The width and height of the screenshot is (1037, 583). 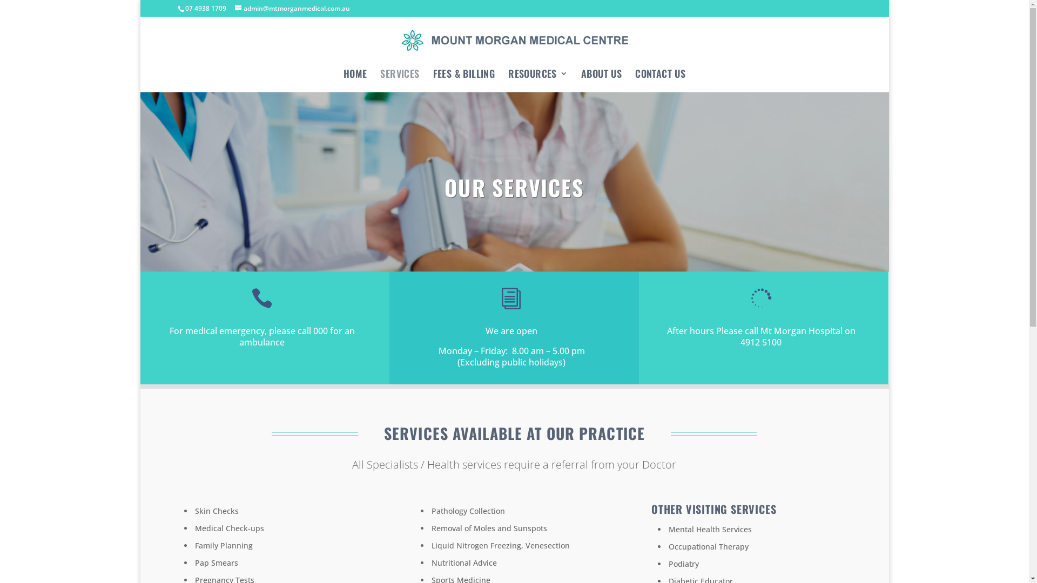 I want to click on 'admin@mtmorganmedical.com.au', so click(x=234, y=8).